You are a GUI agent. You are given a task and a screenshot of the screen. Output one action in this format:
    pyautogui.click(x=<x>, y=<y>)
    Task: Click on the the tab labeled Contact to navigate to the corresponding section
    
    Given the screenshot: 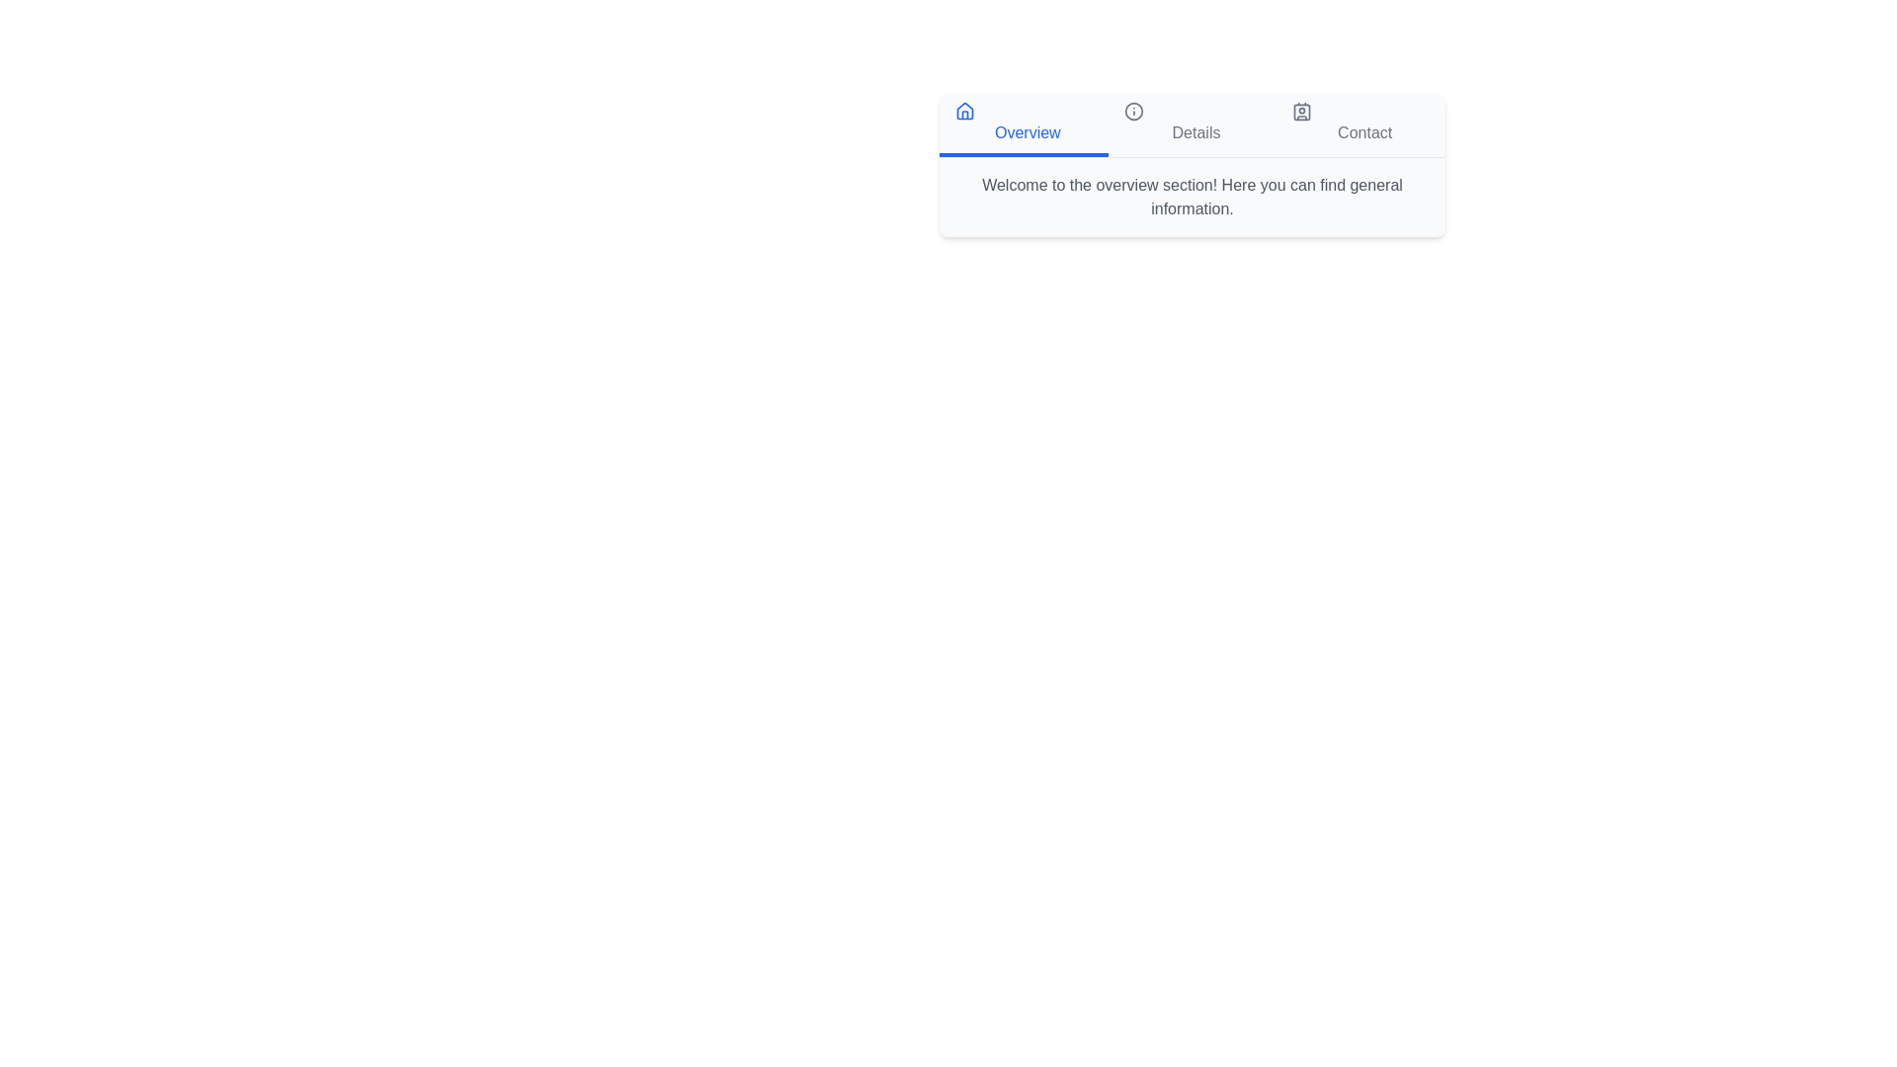 What is the action you would take?
    pyautogui.click(x=1360, y=125)
    